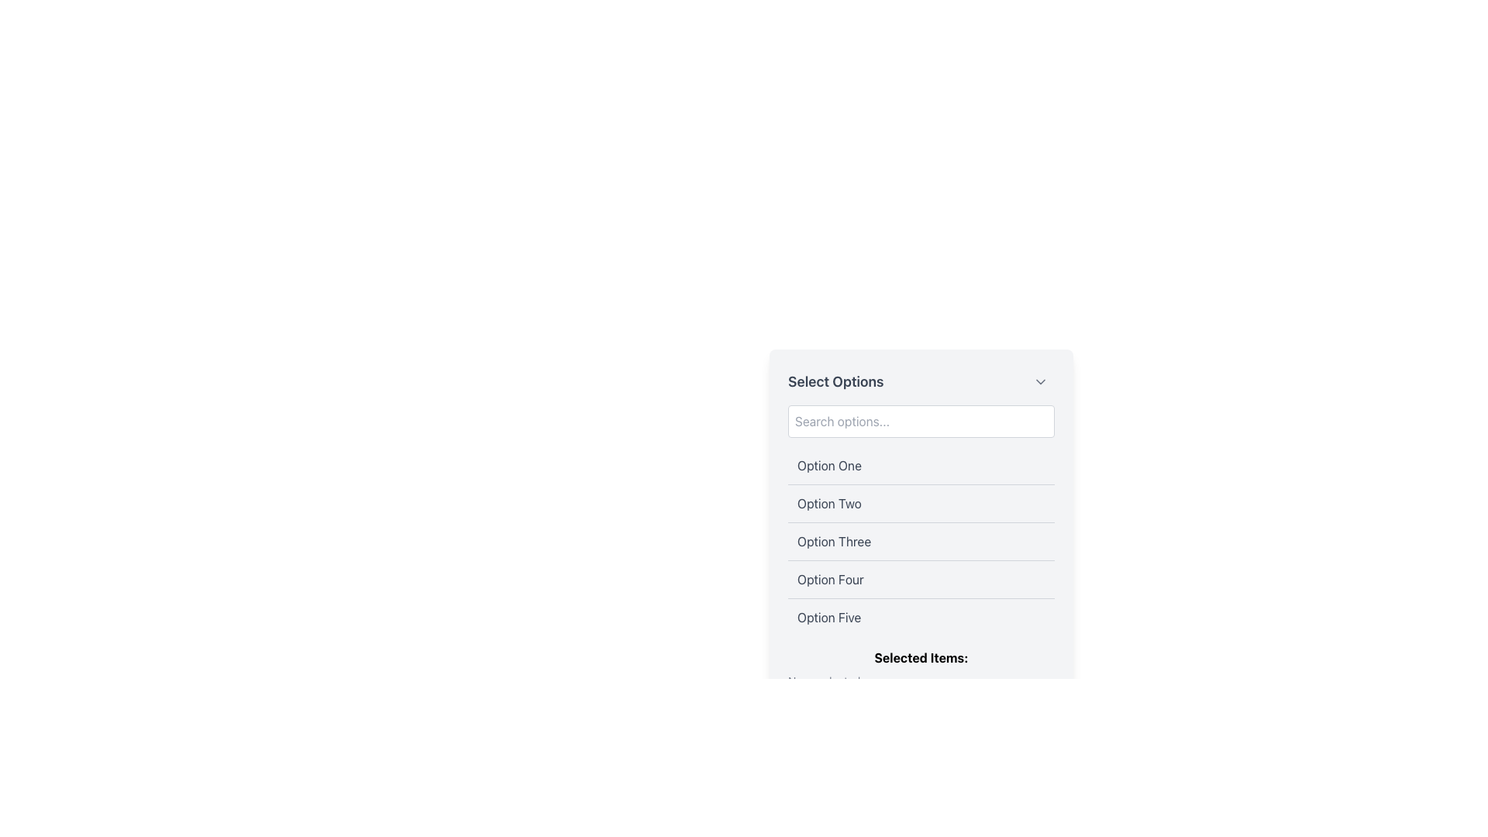 Image resolution: width=1488 pixels, height=837 pixels. What do you see at coordinates (921, 502) in the screenshot?
I see `the second option in the dropdown menu, which is a selectable List Item located below 'Option One' and above 'Option Three'` at bounding box center [921, 502].